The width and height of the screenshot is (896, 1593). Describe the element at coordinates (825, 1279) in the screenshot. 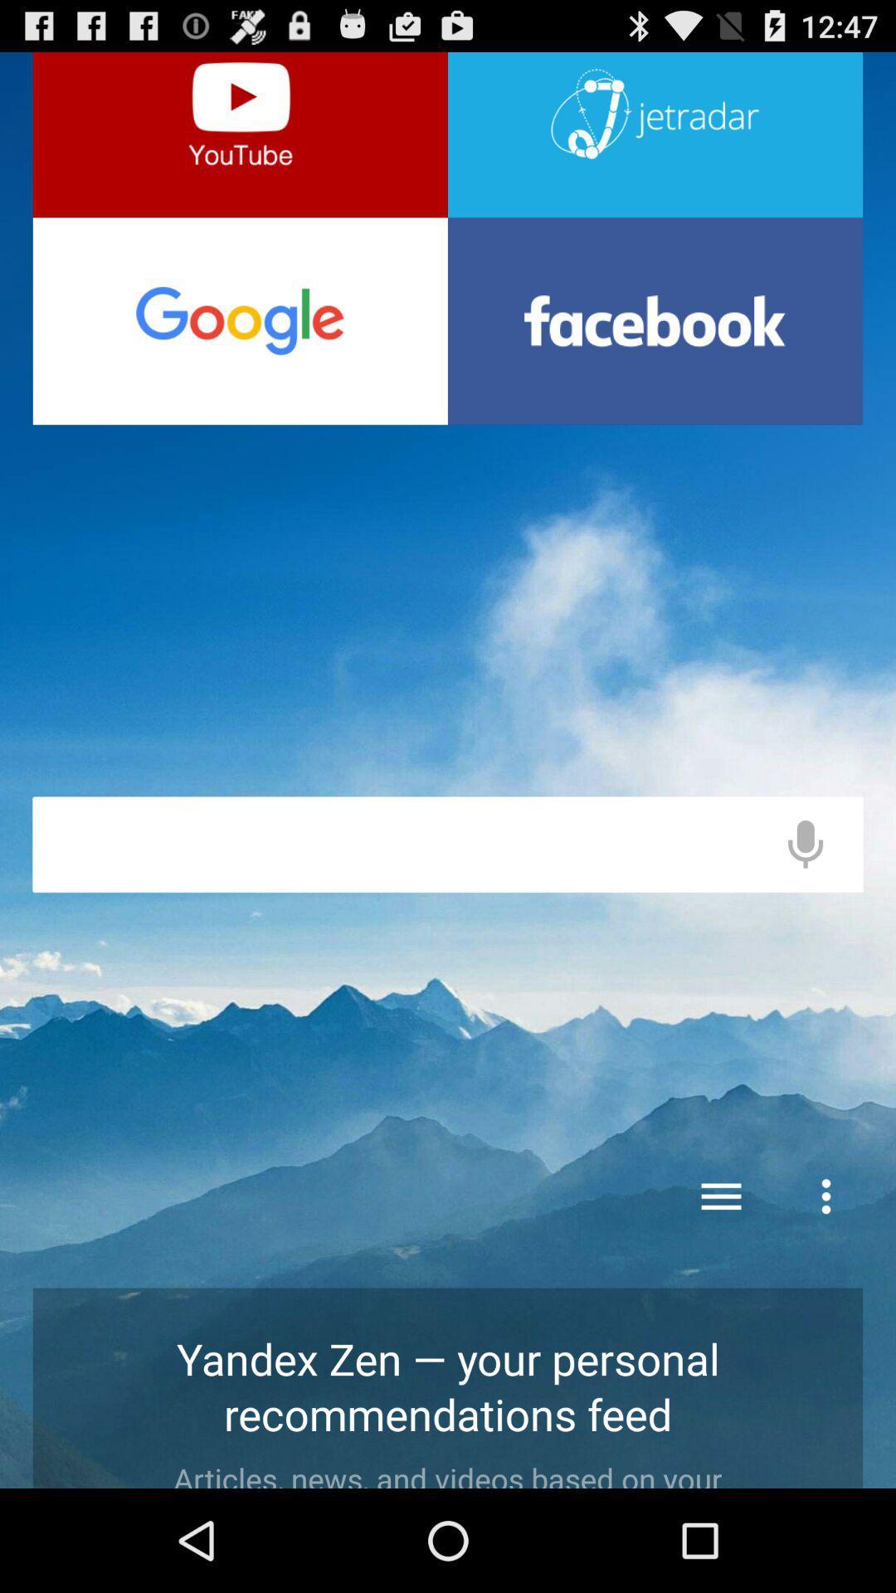

I see `the more icon` at that location.